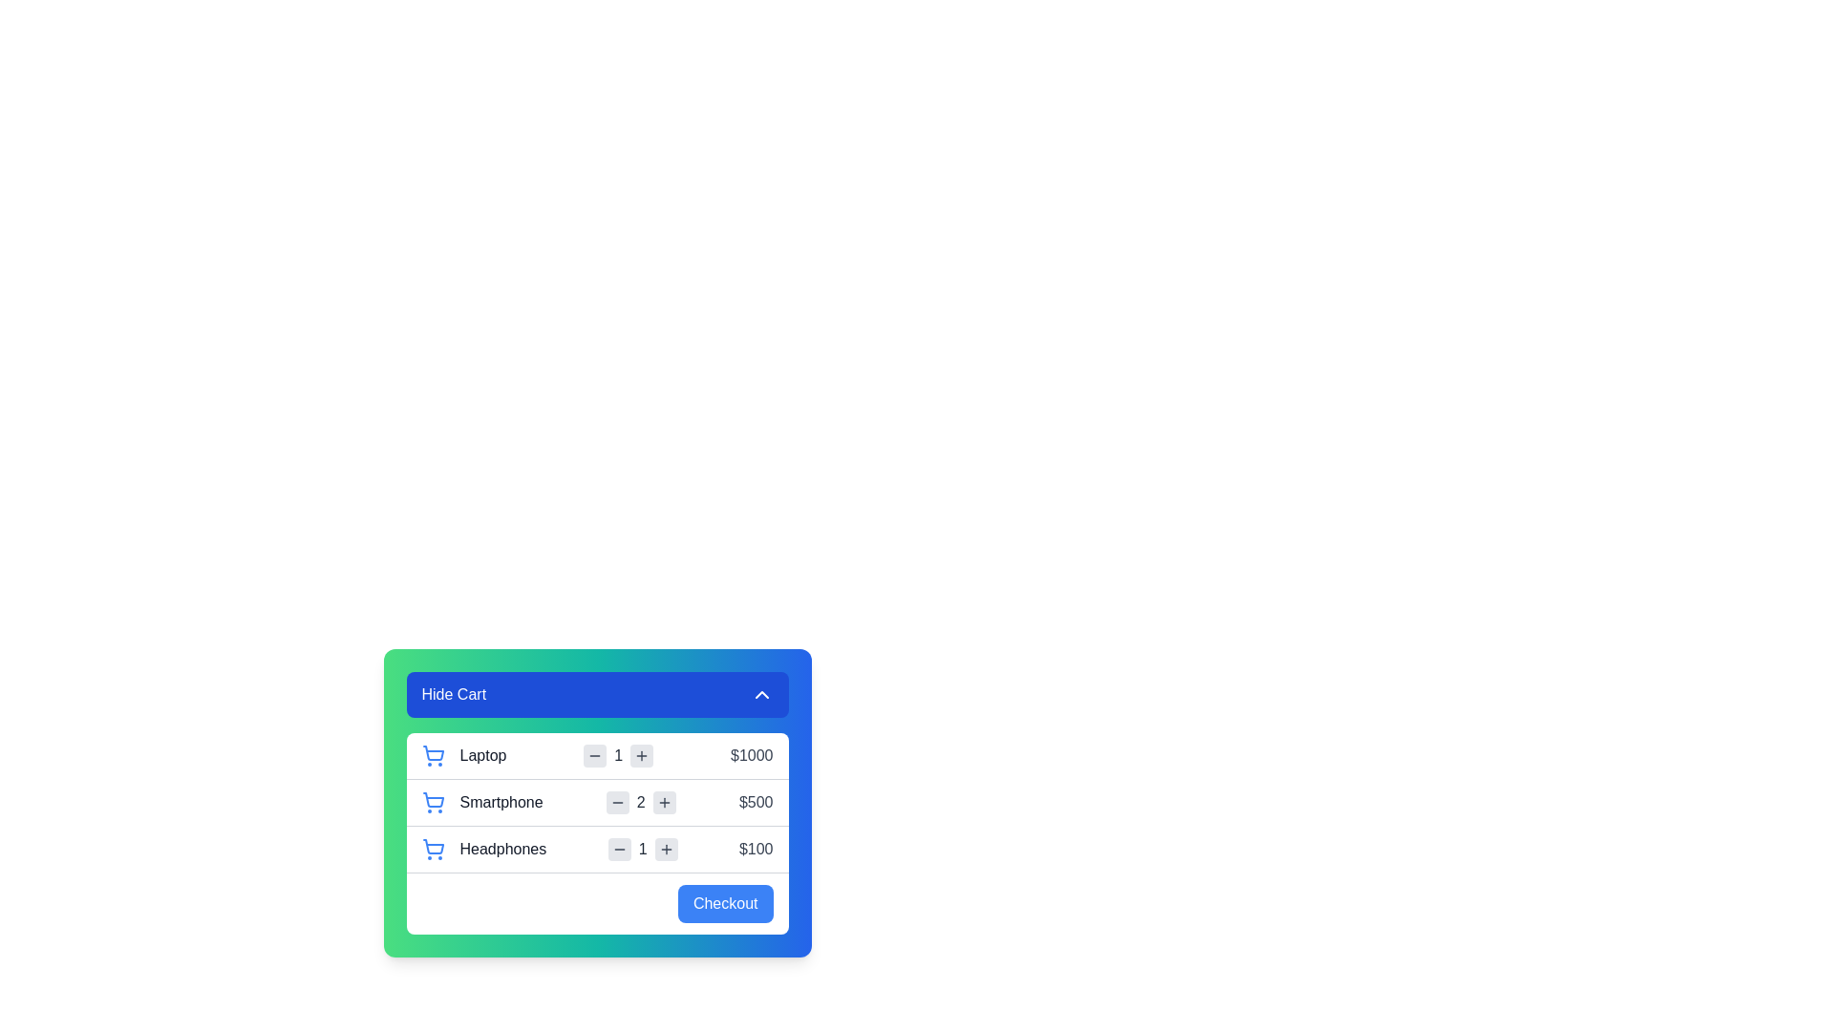 This screenshot has height=1031, width=1834. Describe the element at coordinates (760, 695) in the screenshot. I see `the small upward-pointing chevron arrow icon button located at the top right corner of the blue 'Hide Cart' section` at that location.